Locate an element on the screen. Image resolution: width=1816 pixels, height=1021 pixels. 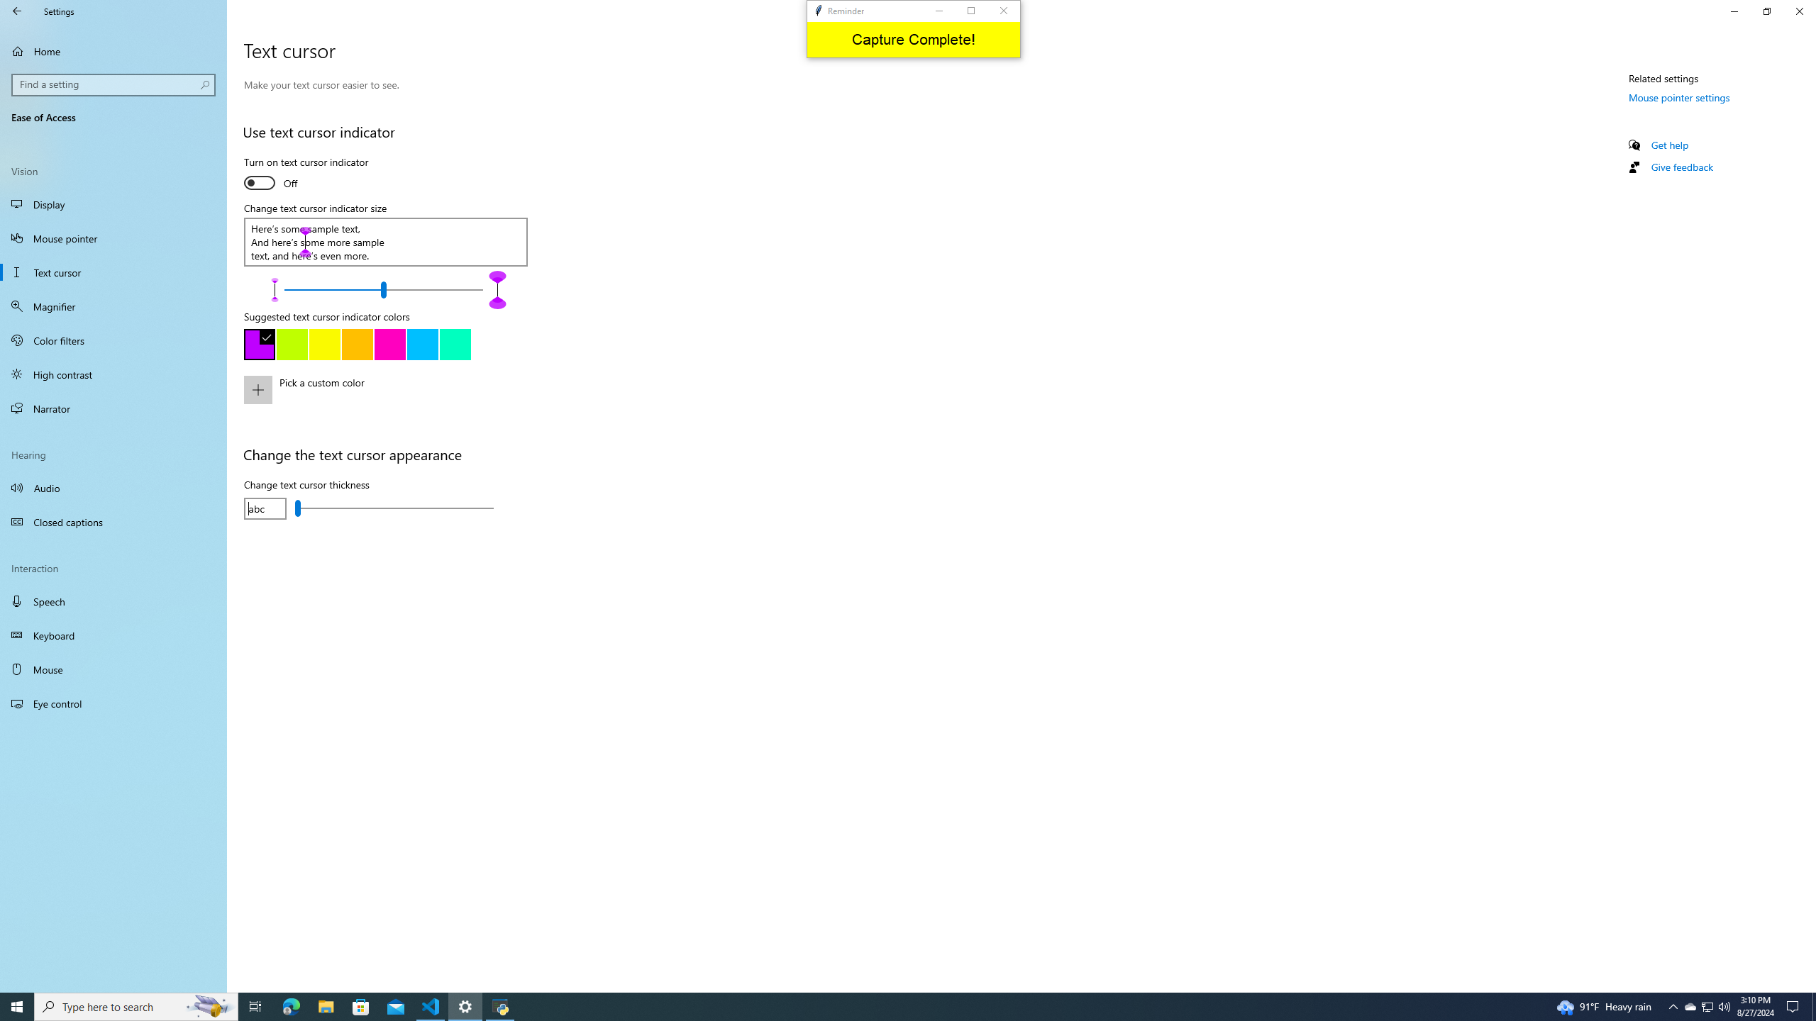
'Microsoft Edge' is located at coordinates (361, 1005).